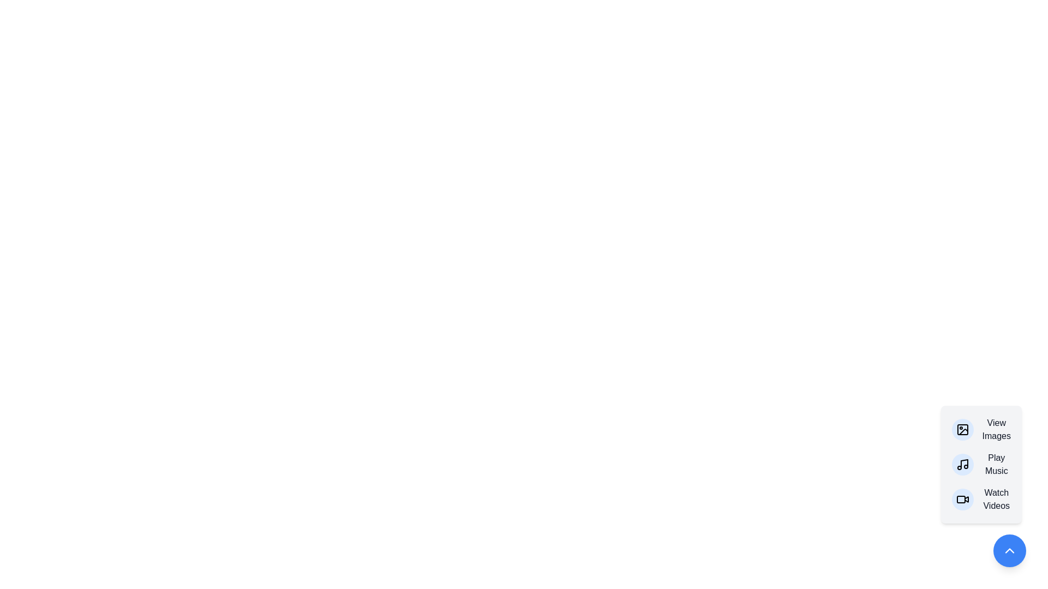 Image resolution: width=1048 pixels, height=589 pixels. Describe the element at coordinates (981, 429) in the screenshot. I see `the menu item corresponding to View Images` at that location.